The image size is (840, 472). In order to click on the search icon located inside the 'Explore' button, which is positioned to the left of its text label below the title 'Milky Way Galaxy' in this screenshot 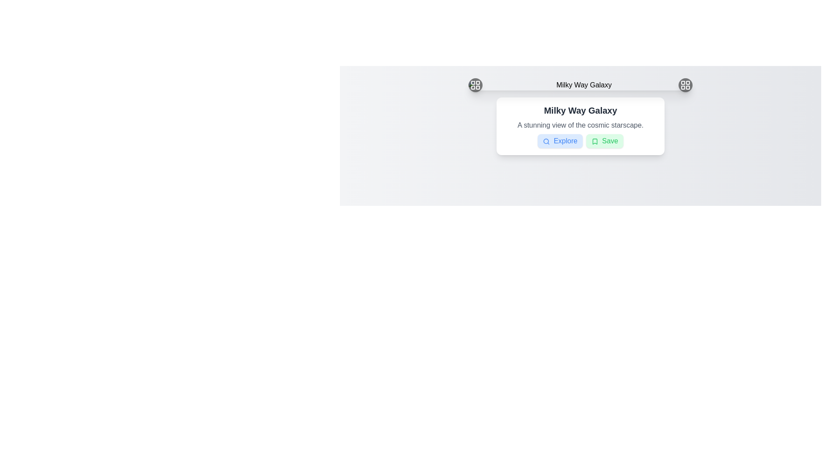, I will do `click(546, 141)`.